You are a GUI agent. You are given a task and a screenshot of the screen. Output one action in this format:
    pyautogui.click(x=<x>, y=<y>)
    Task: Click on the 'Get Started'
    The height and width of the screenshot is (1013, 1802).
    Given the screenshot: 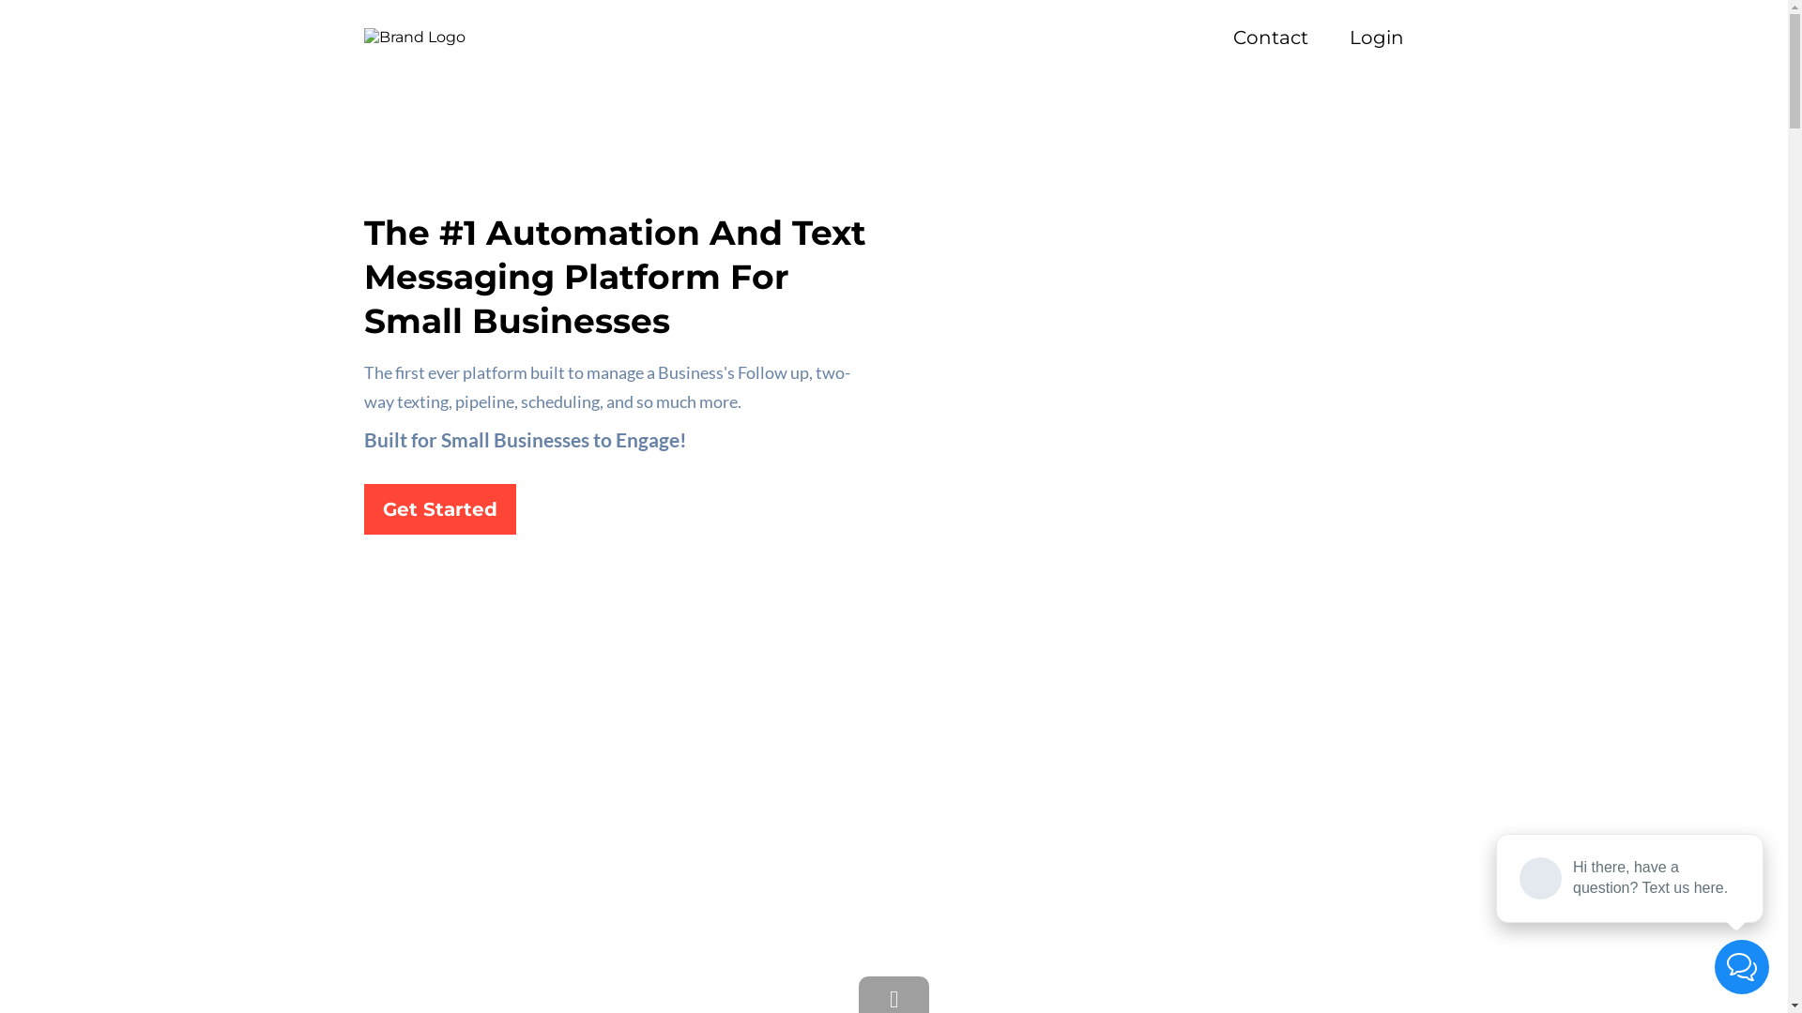 What is the action you would take?
    pyautogui.click(x=439, y=509)
    